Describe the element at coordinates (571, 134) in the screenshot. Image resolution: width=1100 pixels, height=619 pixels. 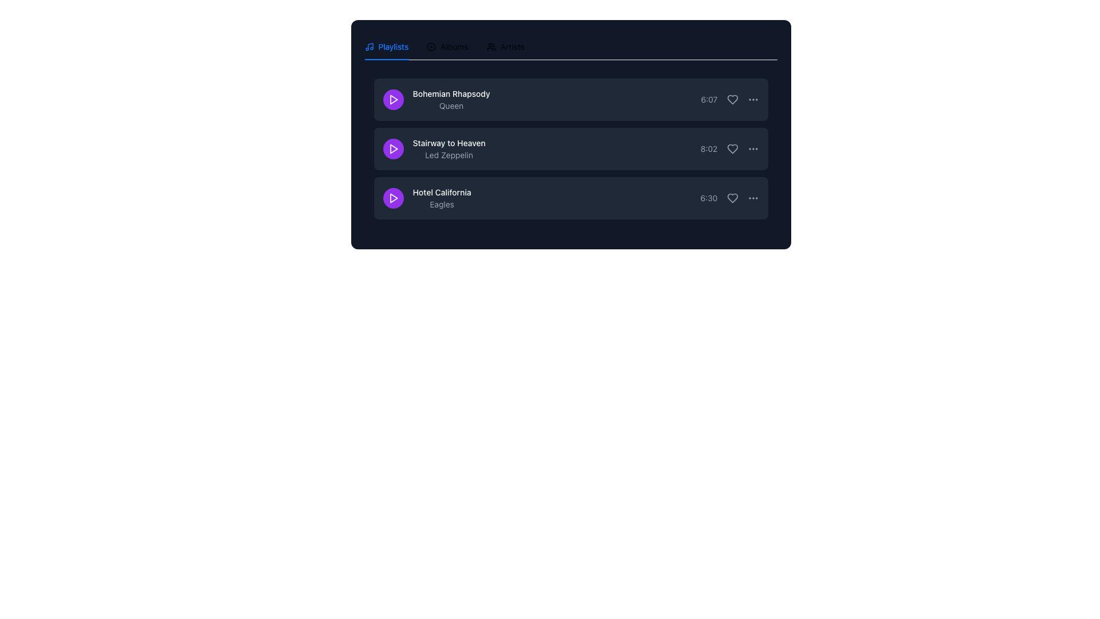
I see `the second song card in the playlist, which represents a song item` at that location.